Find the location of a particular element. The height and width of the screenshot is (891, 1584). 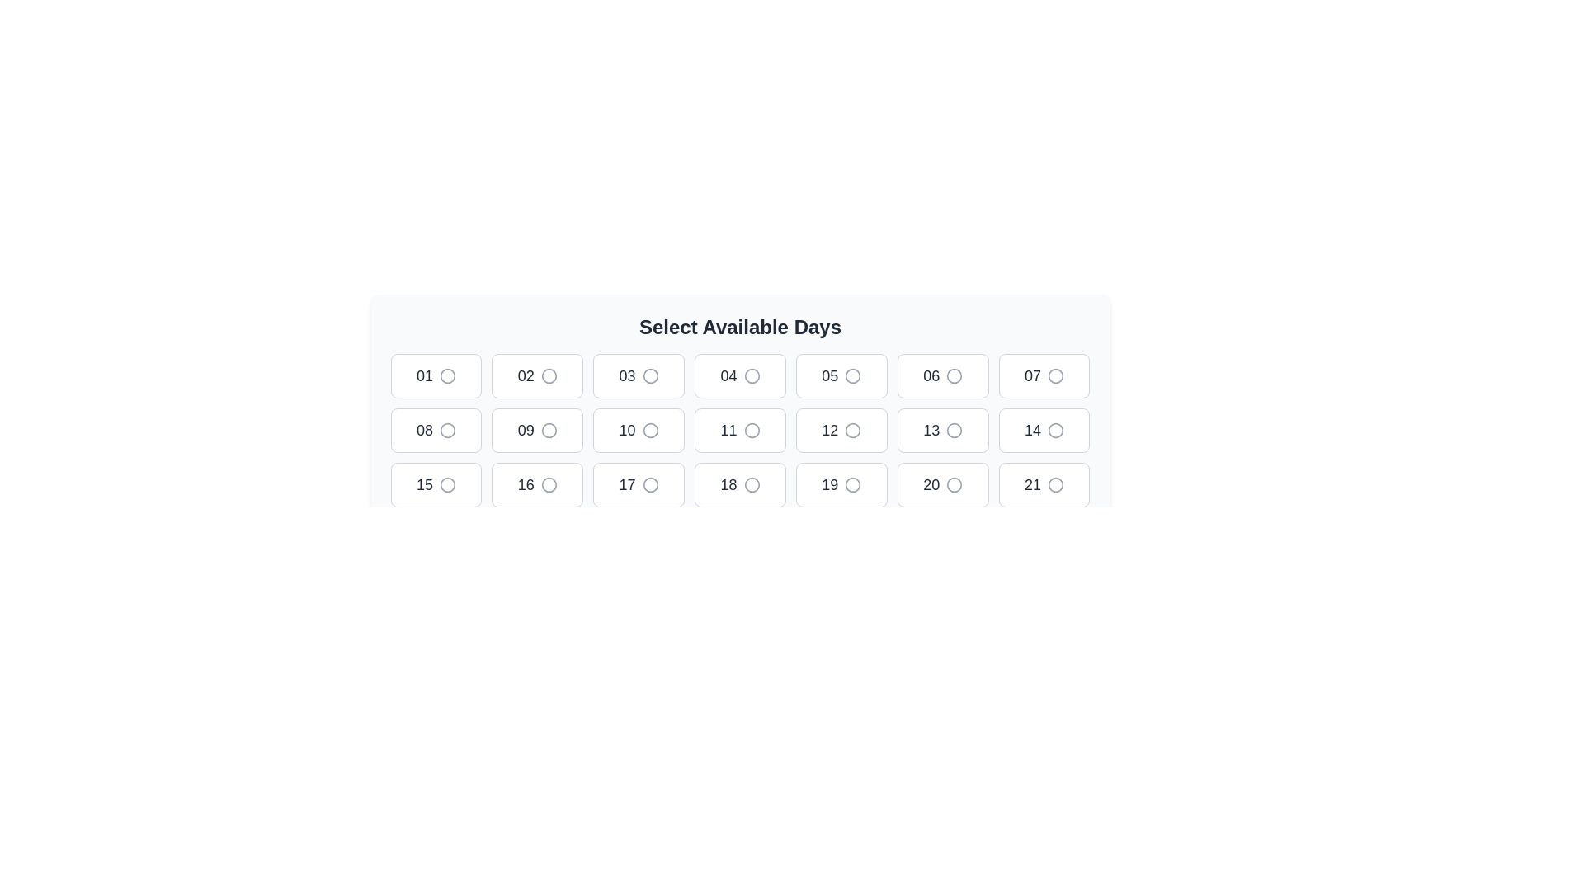

the radio button representing the single selectable day option for '12' located in the second row of days under 'Select Available Days' is located at coordinates (853, 429).